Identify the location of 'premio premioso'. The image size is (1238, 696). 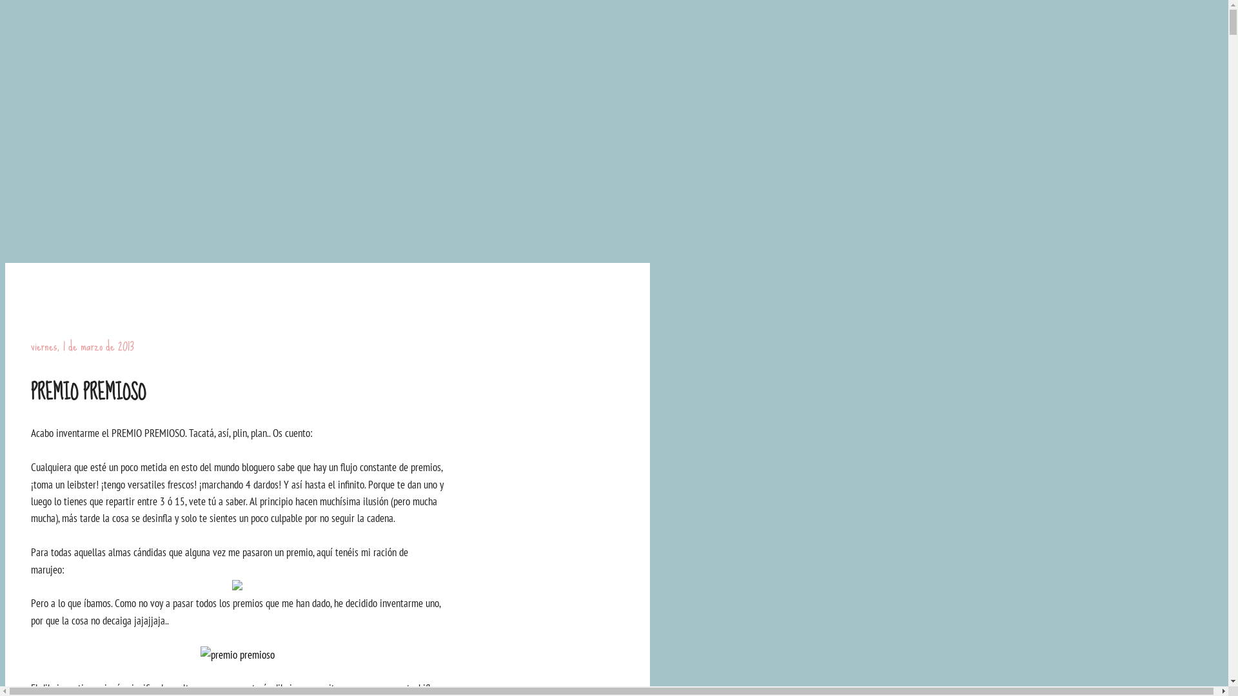
(199, 653).